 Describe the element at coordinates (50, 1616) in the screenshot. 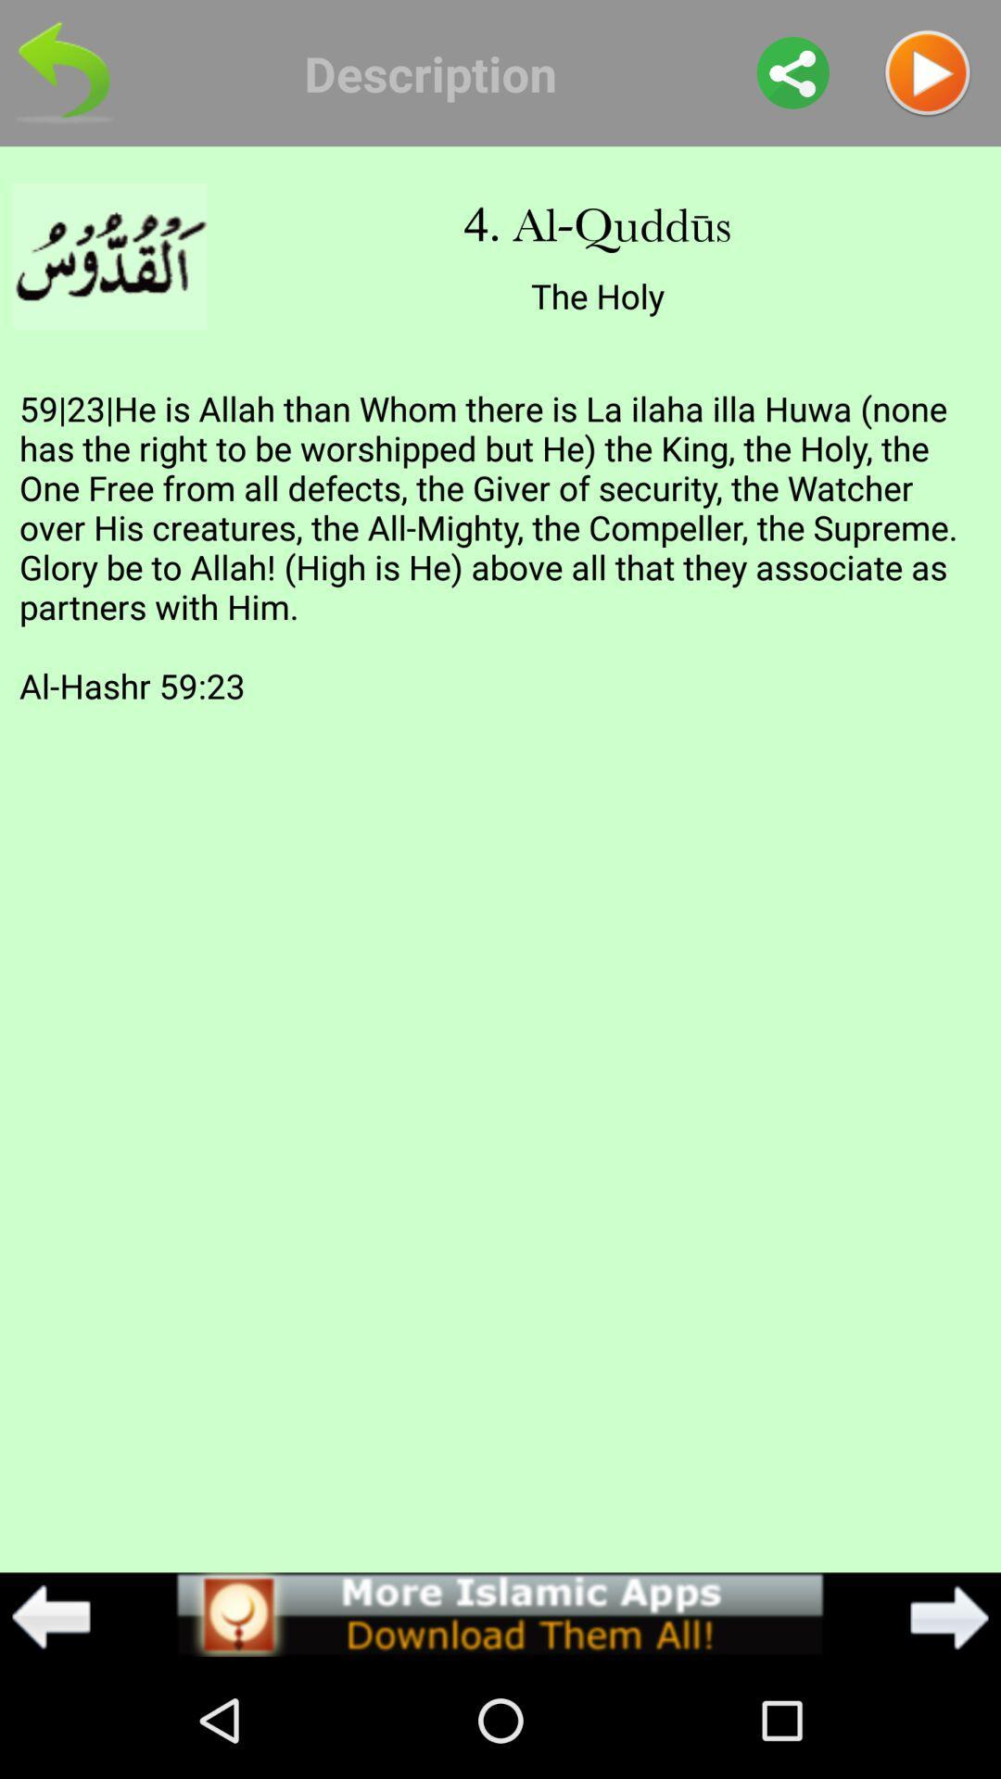

I see `item at the bottom left corner` at that location.